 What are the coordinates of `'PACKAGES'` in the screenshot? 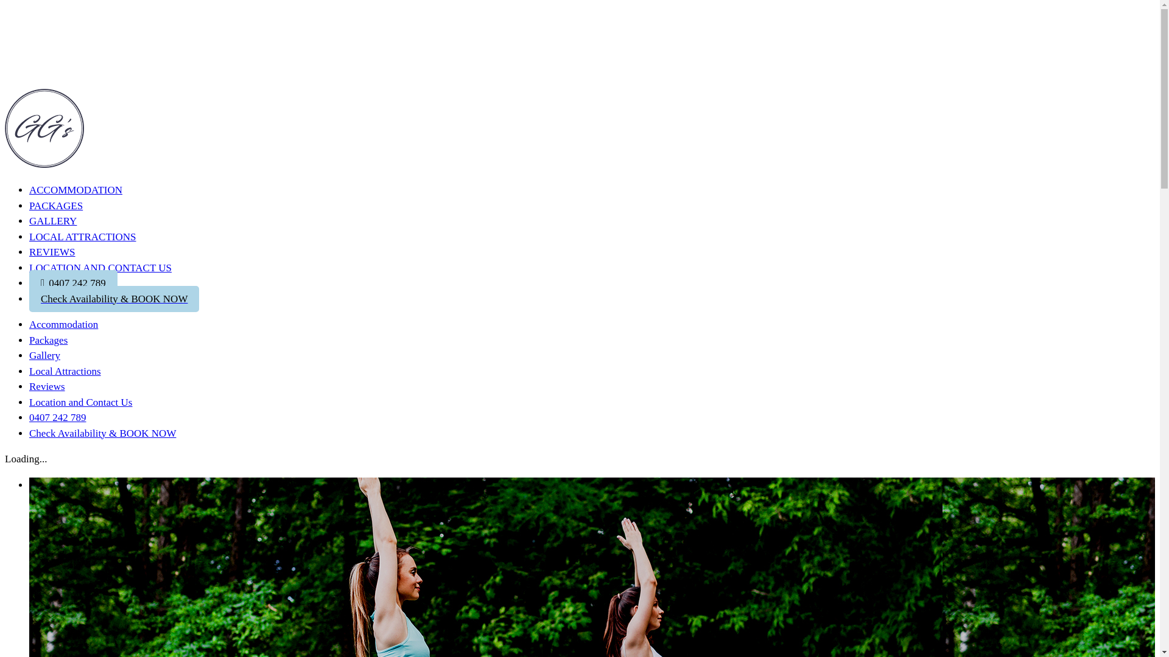 It's located at (55, 204).